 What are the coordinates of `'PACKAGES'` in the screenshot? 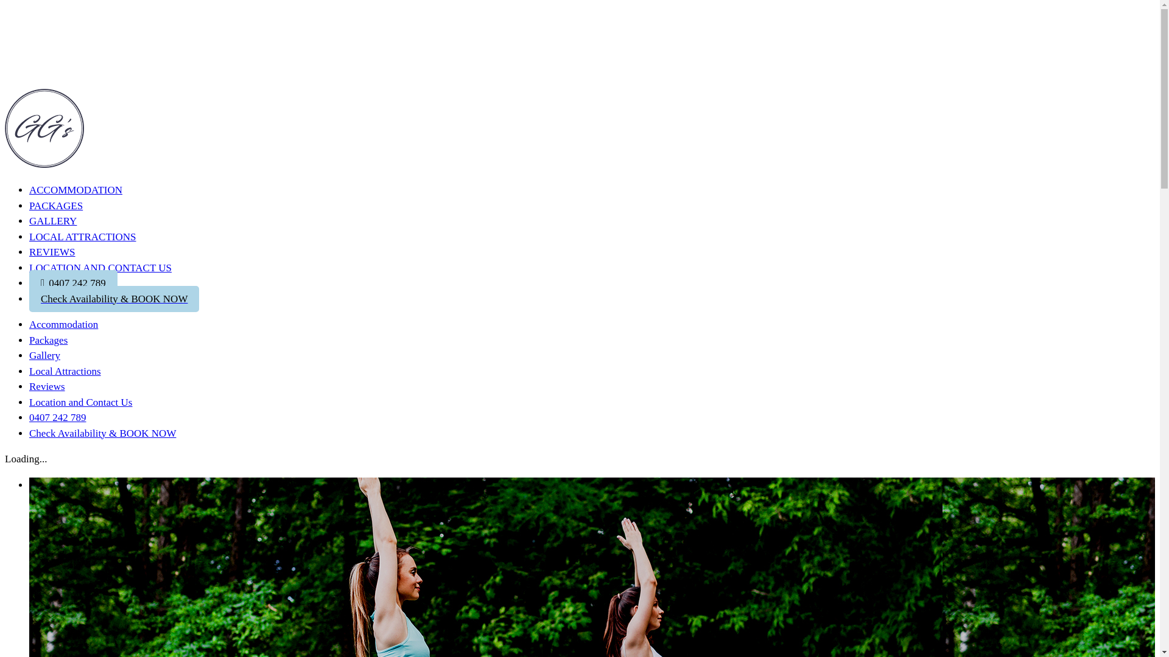 It's located at (55, 204).